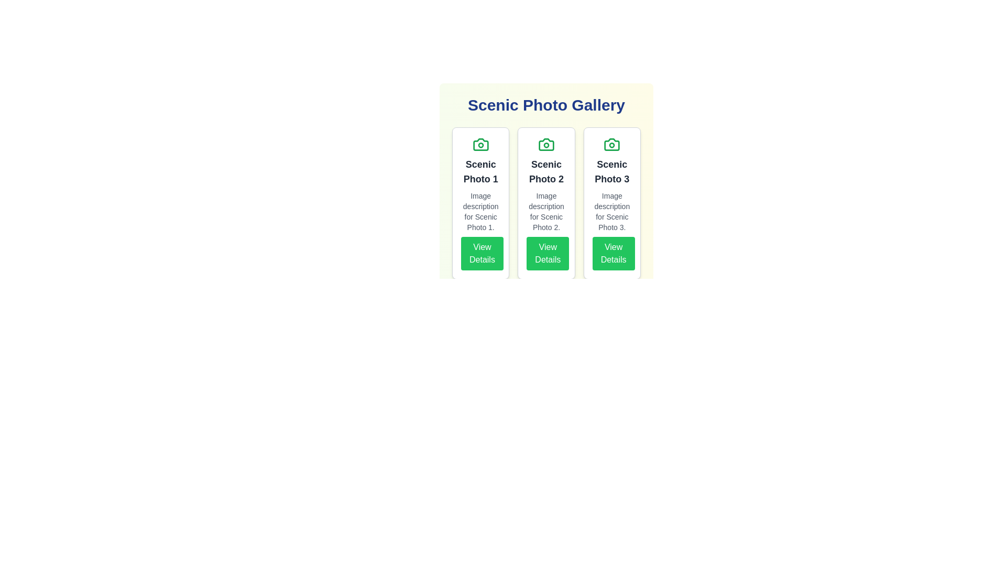 The height and width of the screenshot is (566, 1006). I want to click on the 'View Details' button for the photo titled 'Scenic Photo 1', so click(482, 253).